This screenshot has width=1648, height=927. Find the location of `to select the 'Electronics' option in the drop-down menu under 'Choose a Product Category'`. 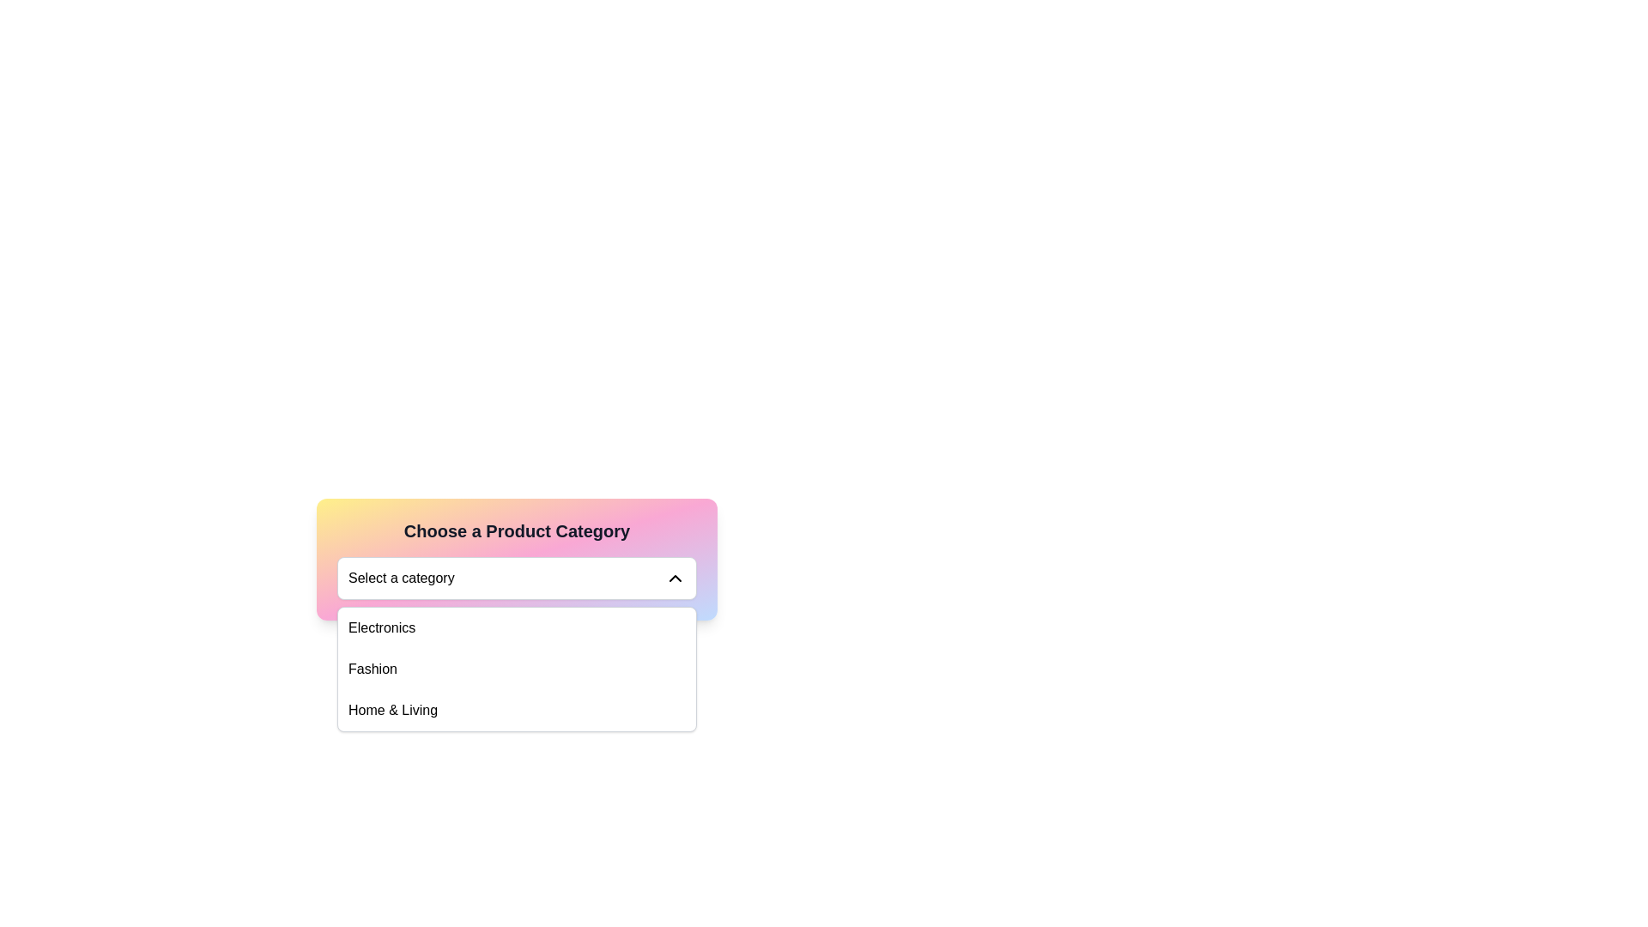

to select the 'Electronics' option in the drop-down menu under 'Choose a Product Category' is located at coordinates (381, 628).